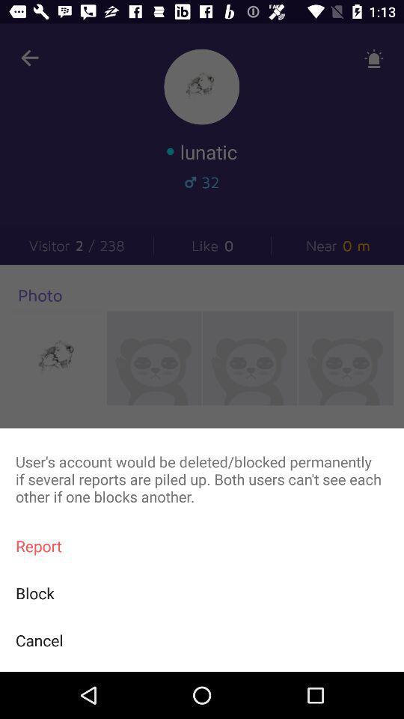 This screenshot has height=719, width=404. Describe the element at coordinates (202, 593) in the screenshot. I see `the block item` at that location.